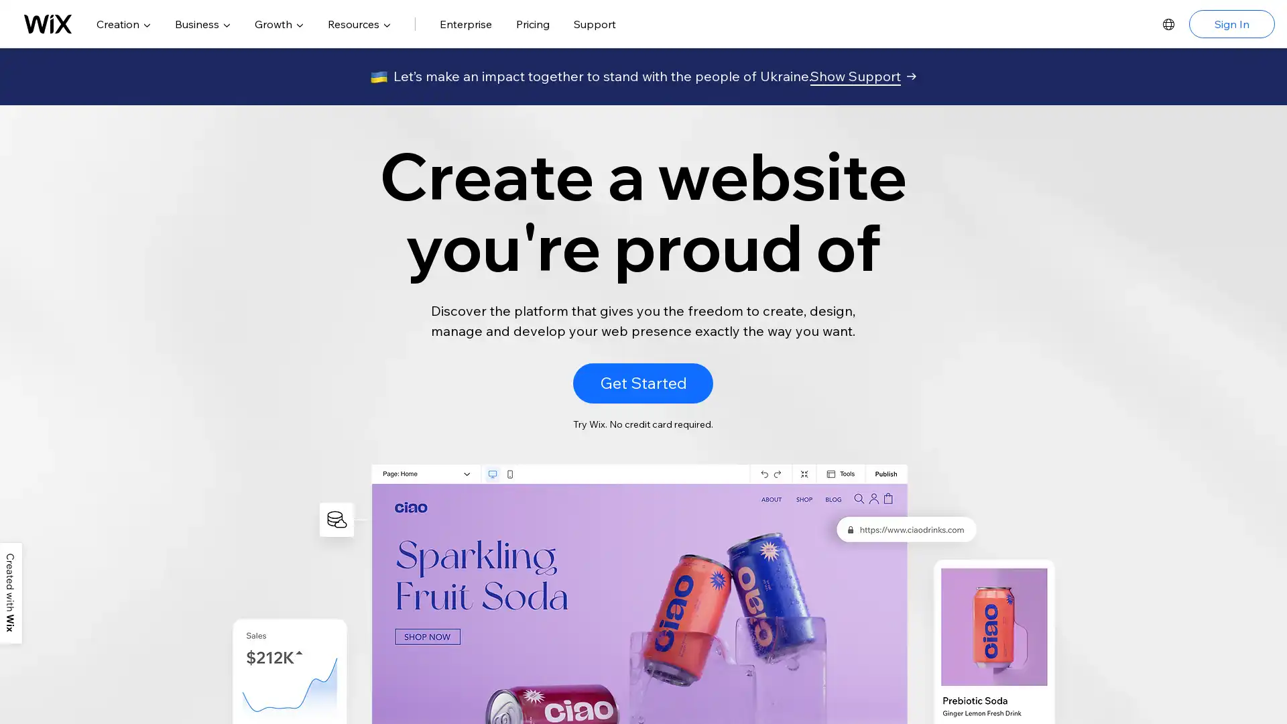  Describe the element at coordinates (359, 23) in the screenshot. I see `Resources` at that location.